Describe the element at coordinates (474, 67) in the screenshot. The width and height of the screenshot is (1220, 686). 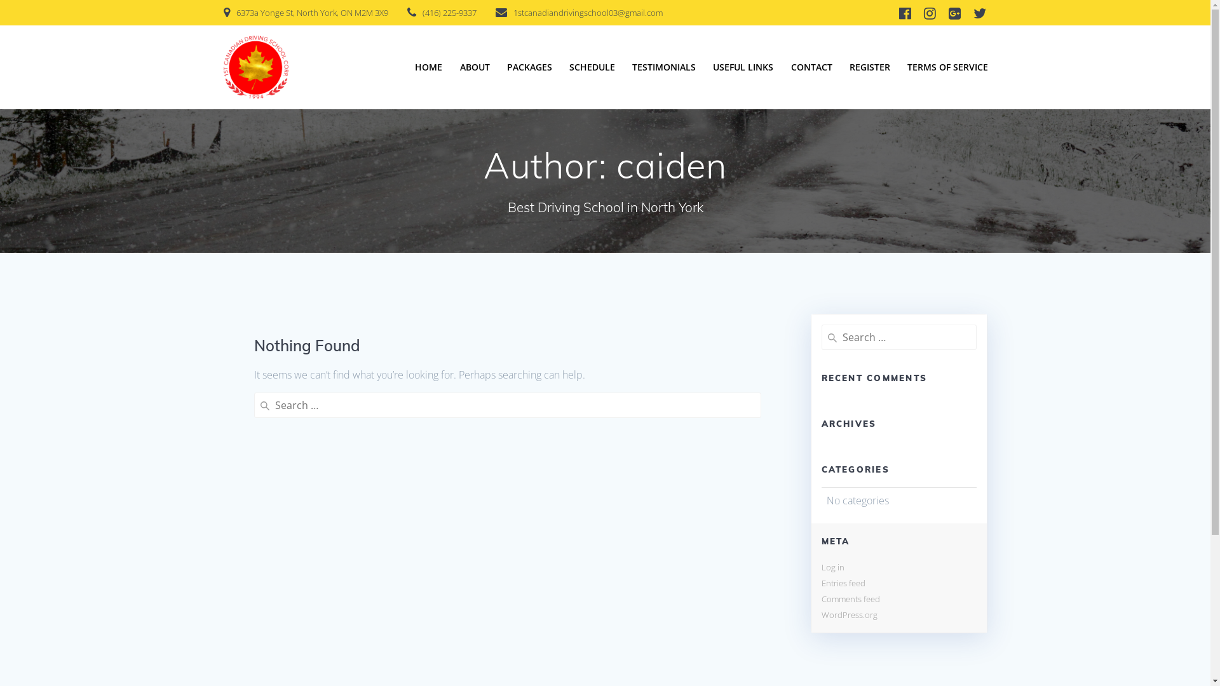
I see `'ABOUT'` at that location.